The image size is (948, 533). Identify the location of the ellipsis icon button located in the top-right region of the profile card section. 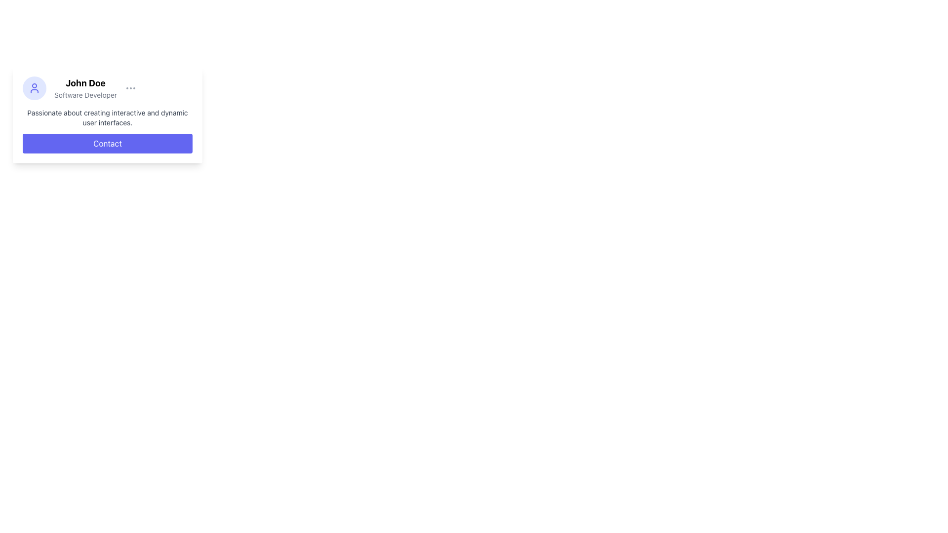
(130, 87).